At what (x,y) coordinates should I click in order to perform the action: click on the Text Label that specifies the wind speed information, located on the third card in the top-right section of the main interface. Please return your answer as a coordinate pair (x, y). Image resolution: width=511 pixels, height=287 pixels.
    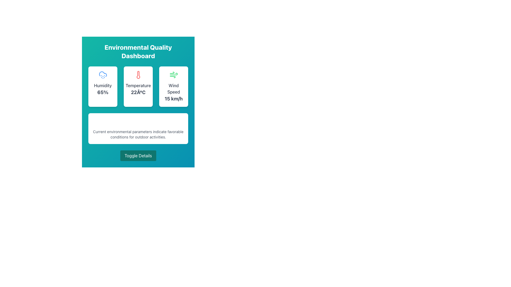
    Looking at the image, I should click on (174, 88).